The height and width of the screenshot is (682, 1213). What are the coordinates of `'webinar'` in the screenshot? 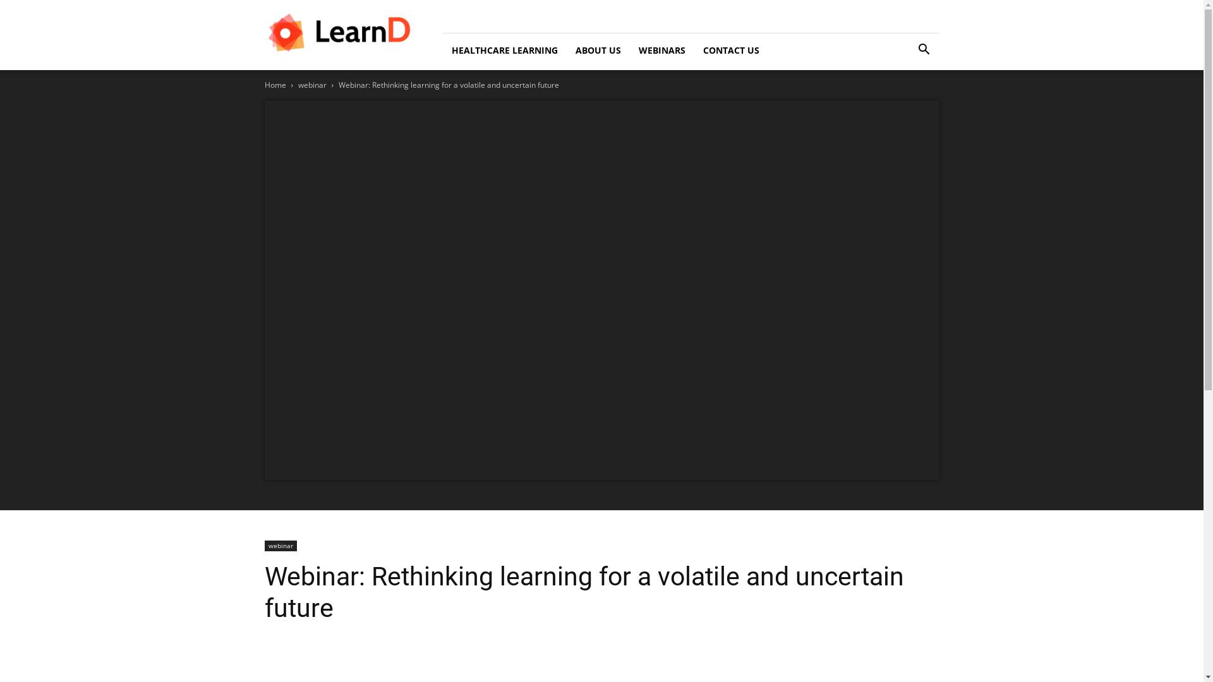 It's located at (279, 545).